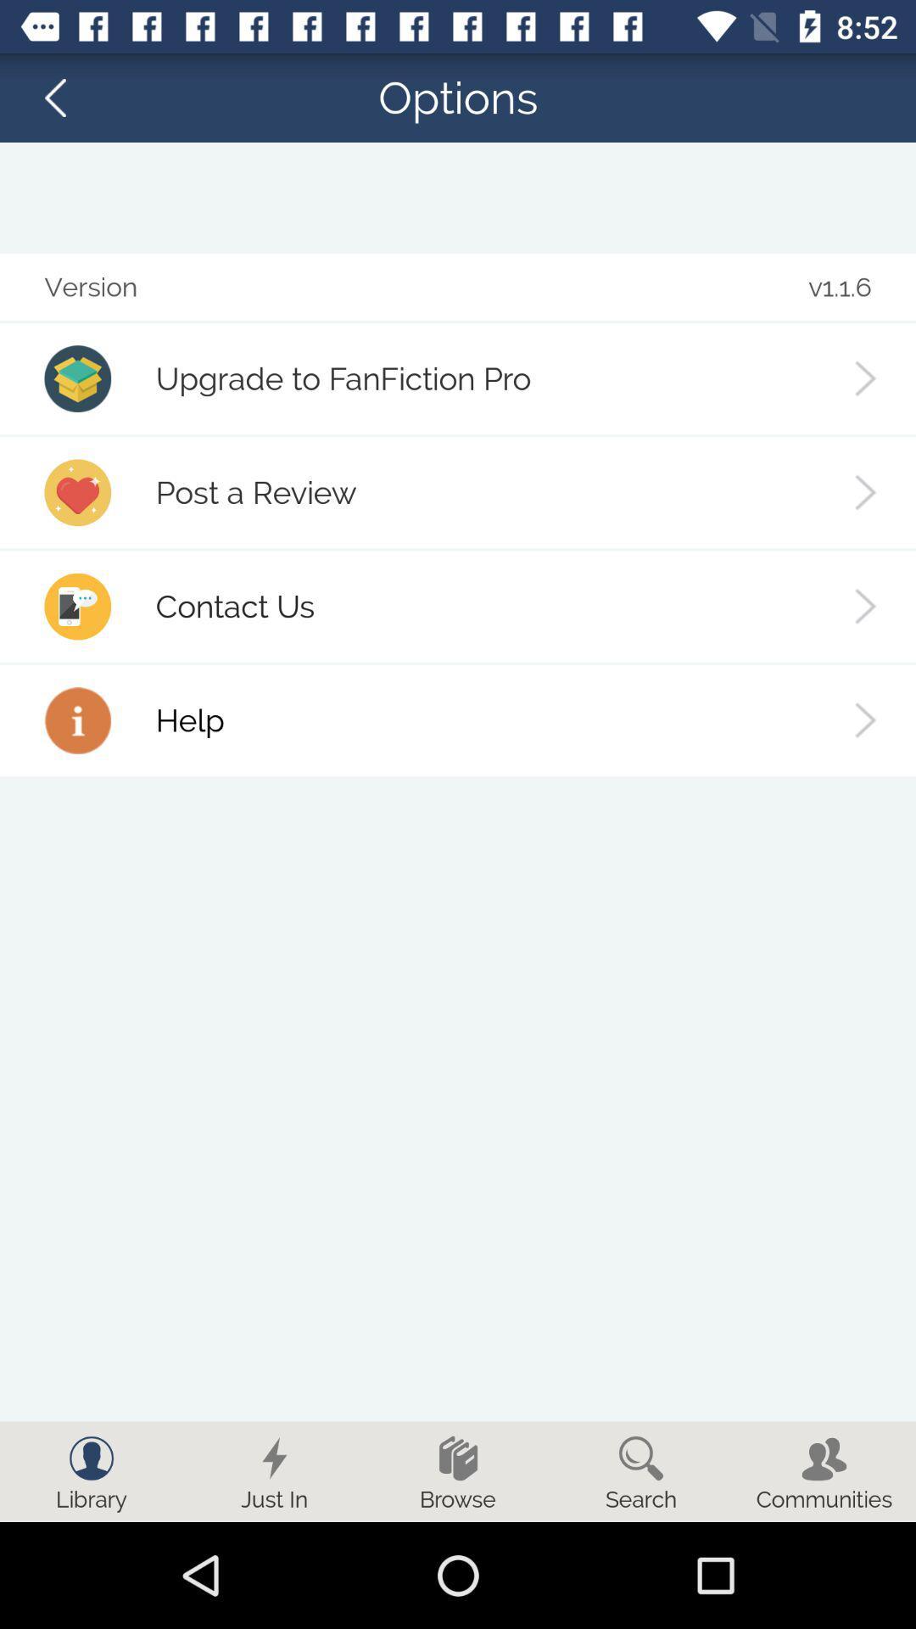 Image resolution: width=916 pixels, height=1629 pixels. What do you see at coordinates (65, 97) in the screenshot?
I see `the arrow_backward icon` at bounding box center [65, 97].